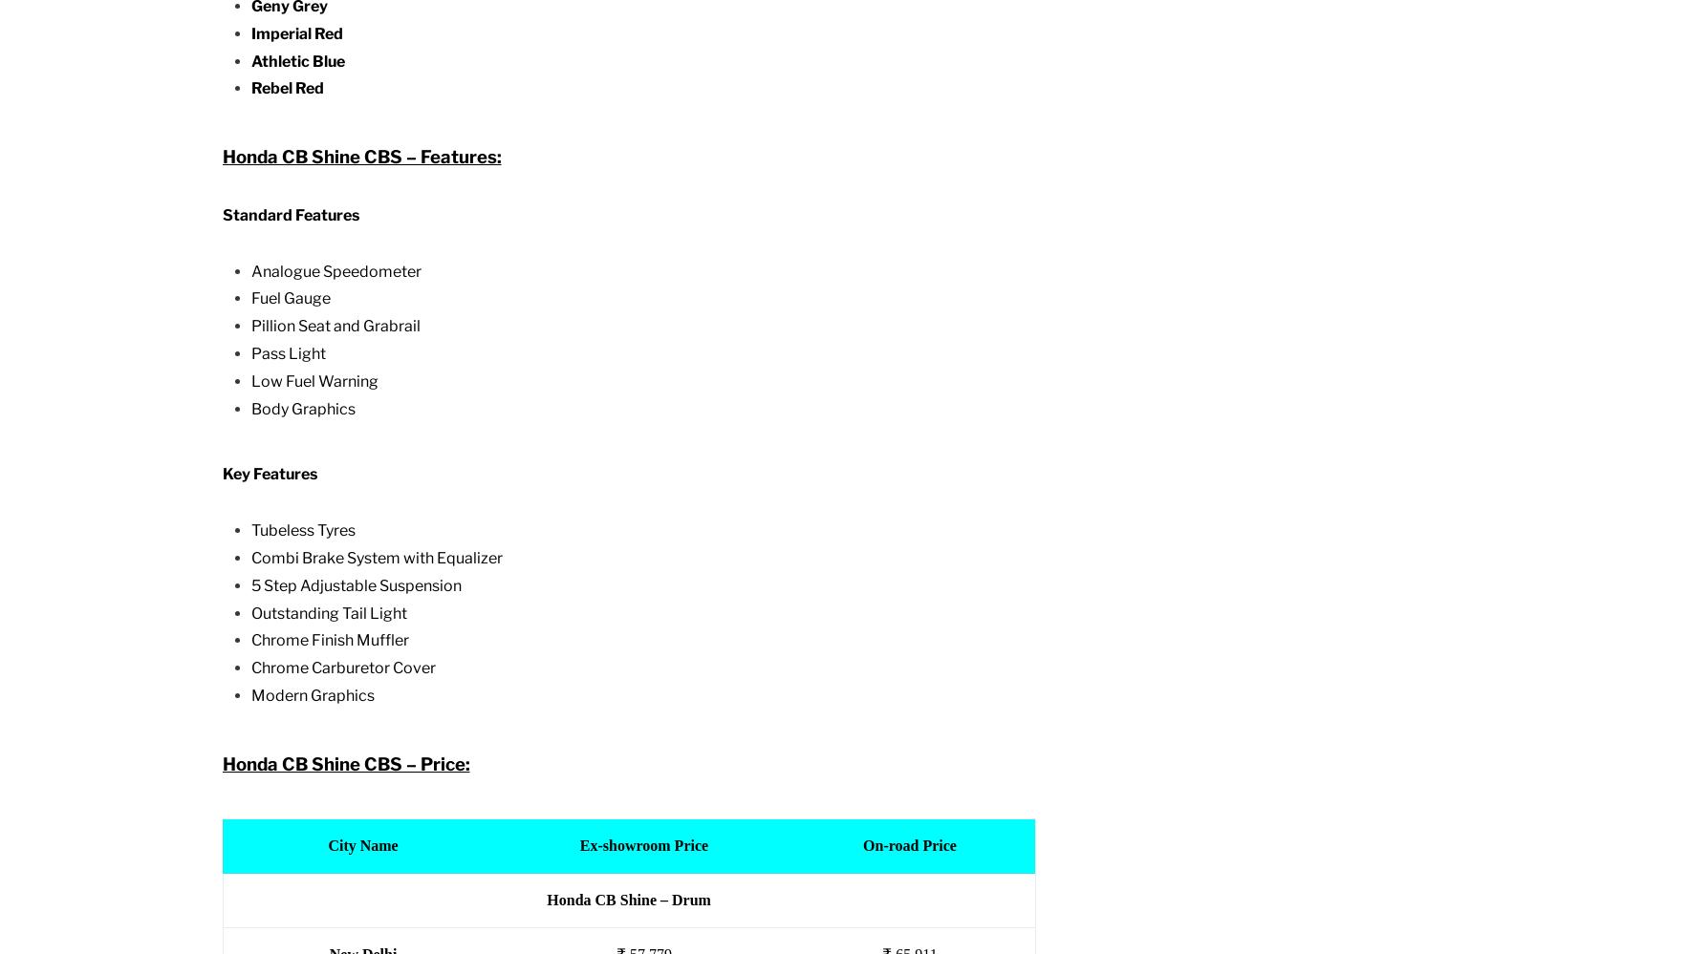 Image resolution: width=1687 pixels, height=954 pixels. Describe the element at coordinates (328, 640) in the screenshot. I see `'Chrome Finish Muffler'` at that location.